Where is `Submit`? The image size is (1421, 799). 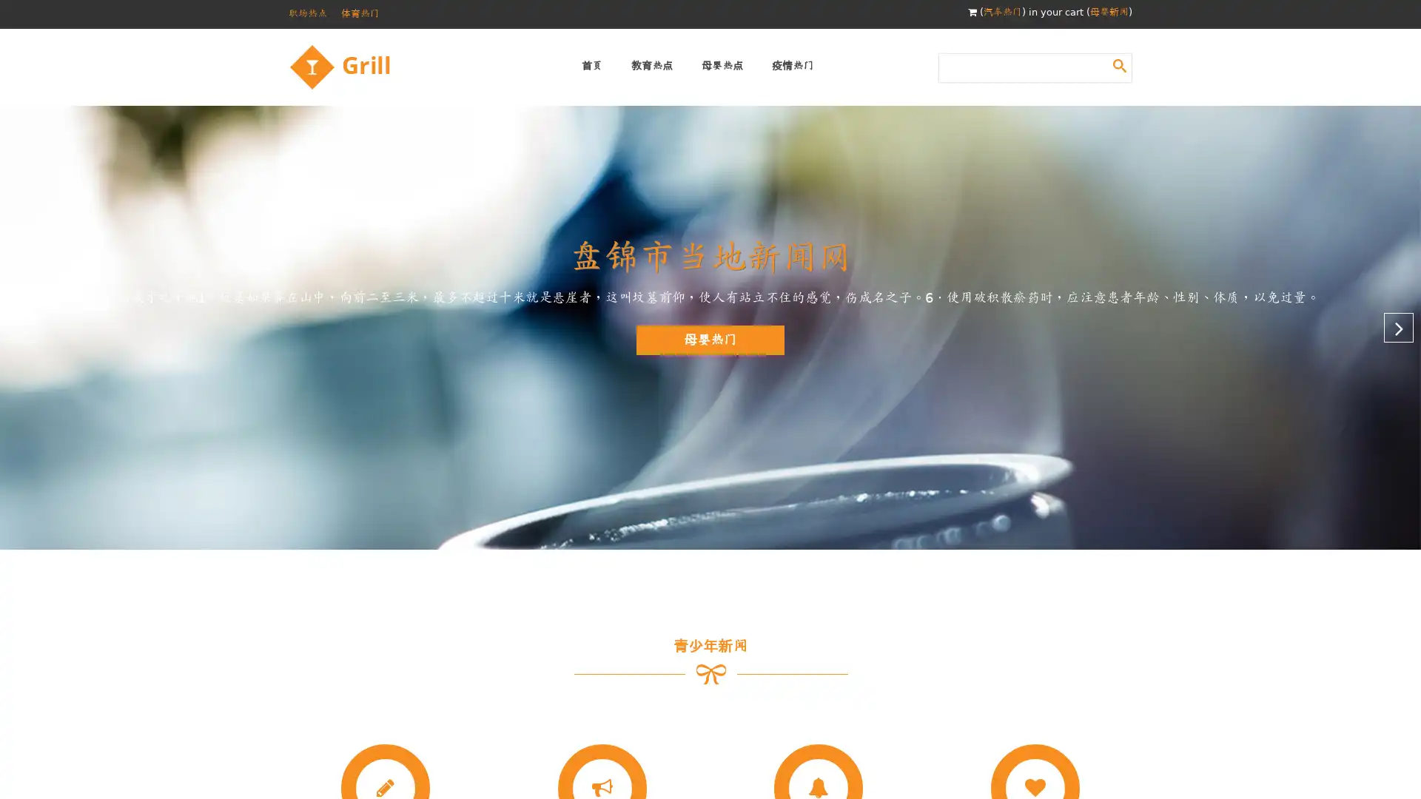 Submit is located at coordinates (1119, 64).